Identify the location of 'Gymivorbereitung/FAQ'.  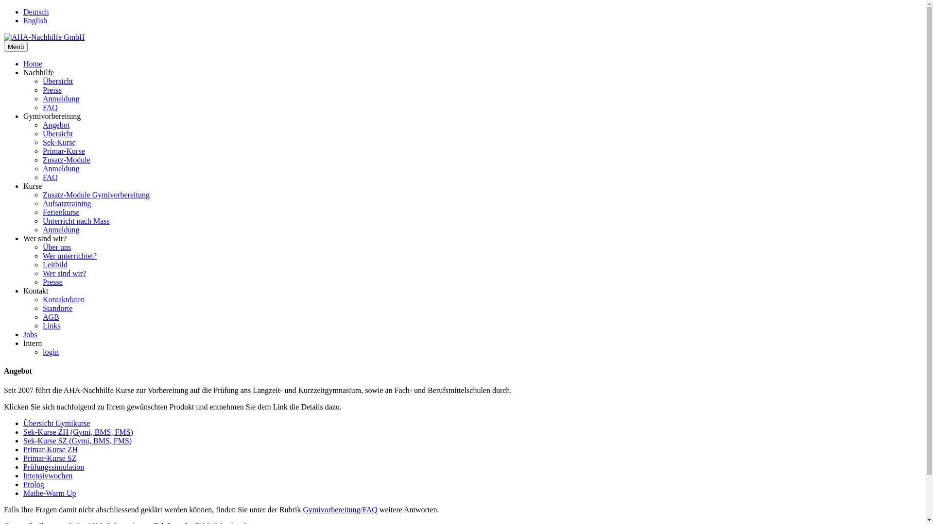
(340, 509).